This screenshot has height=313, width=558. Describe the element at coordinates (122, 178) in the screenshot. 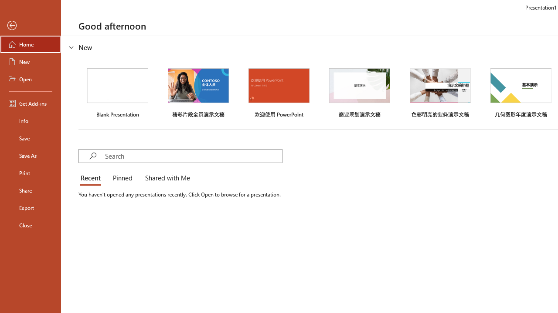

I see `'Pinned'` at that location.